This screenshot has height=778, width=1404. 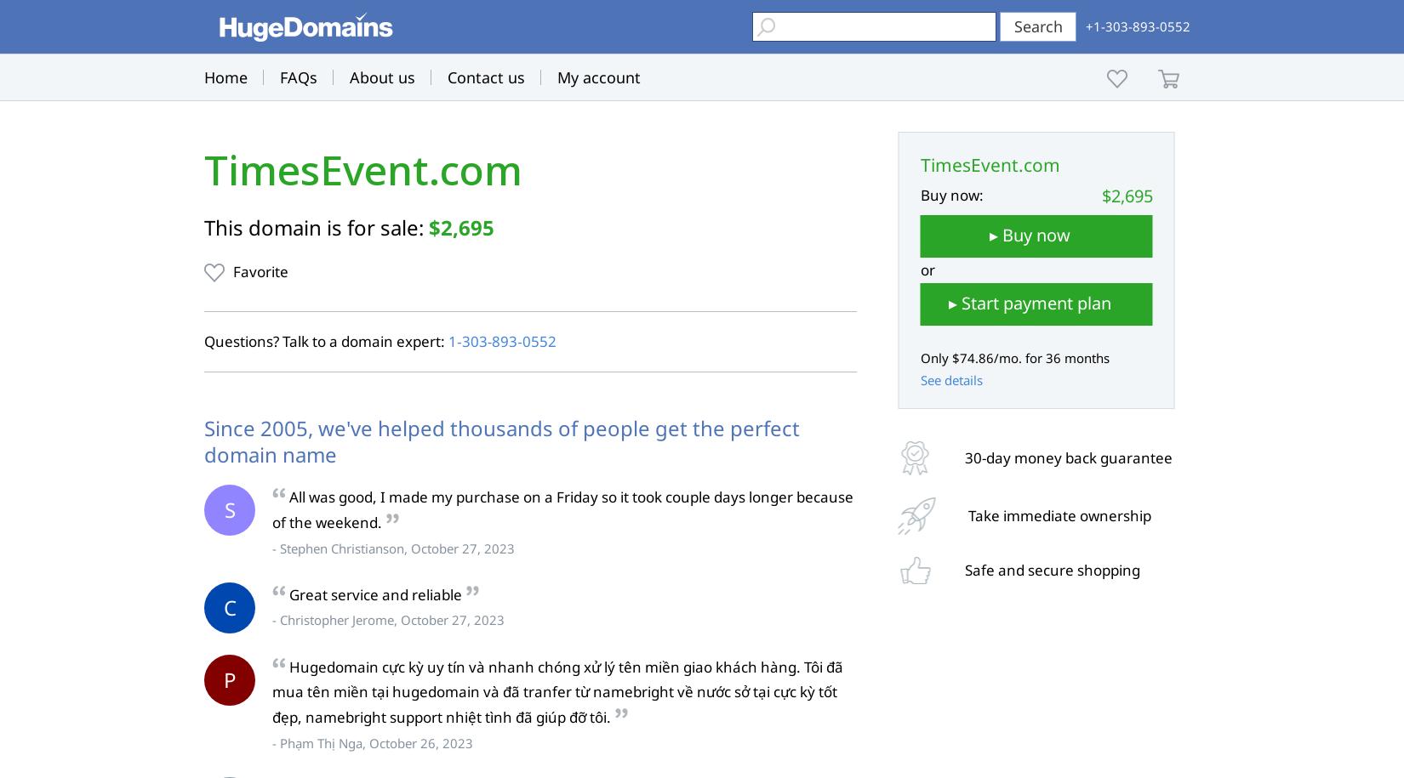 What do you see at coordinates (1137, 26) in the screenshot?
I see `'+1-303-893-0552'` at bounding box center [1137, 26].